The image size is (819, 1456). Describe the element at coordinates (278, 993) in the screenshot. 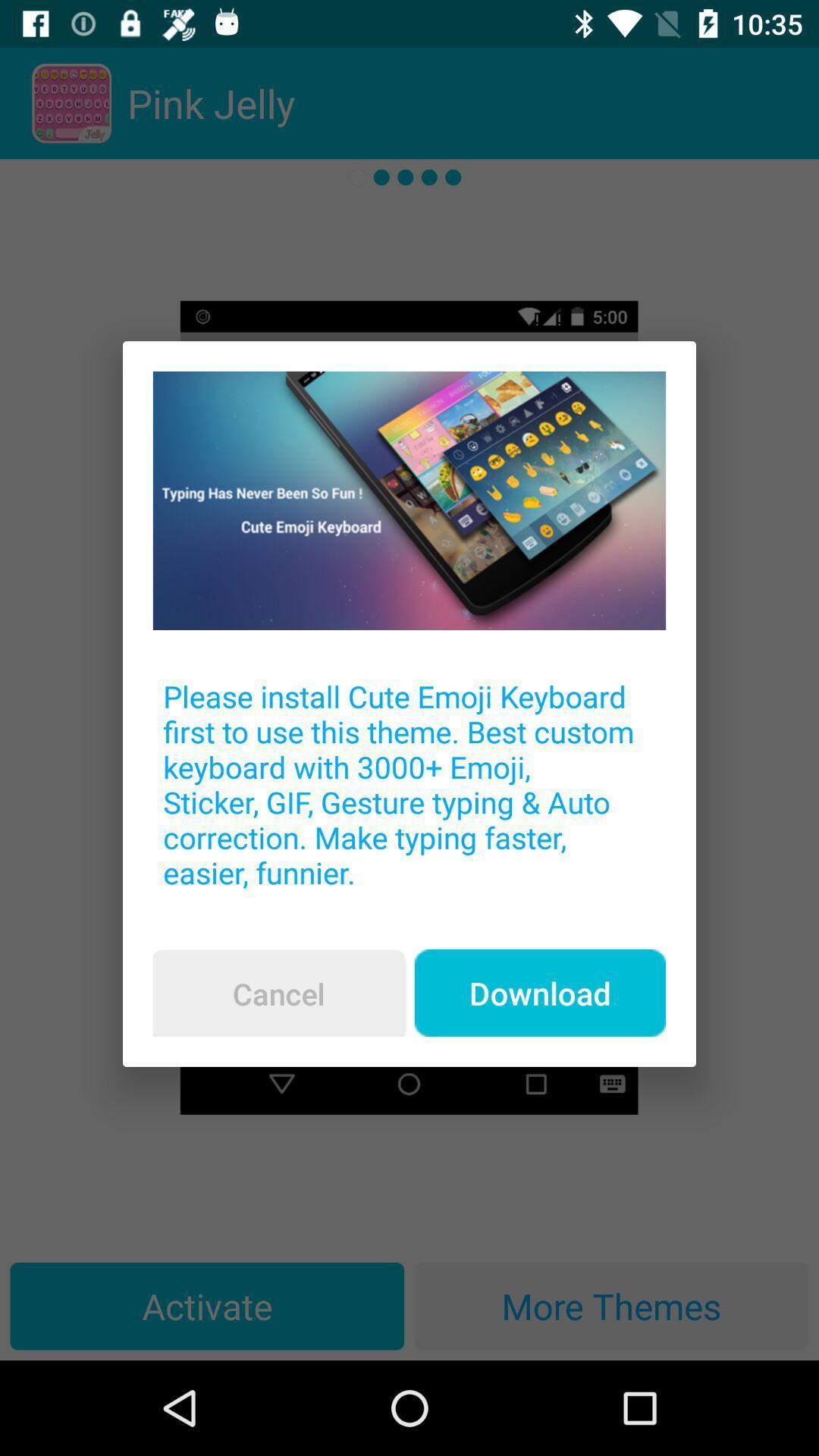

I see `cancel icon` at that location.